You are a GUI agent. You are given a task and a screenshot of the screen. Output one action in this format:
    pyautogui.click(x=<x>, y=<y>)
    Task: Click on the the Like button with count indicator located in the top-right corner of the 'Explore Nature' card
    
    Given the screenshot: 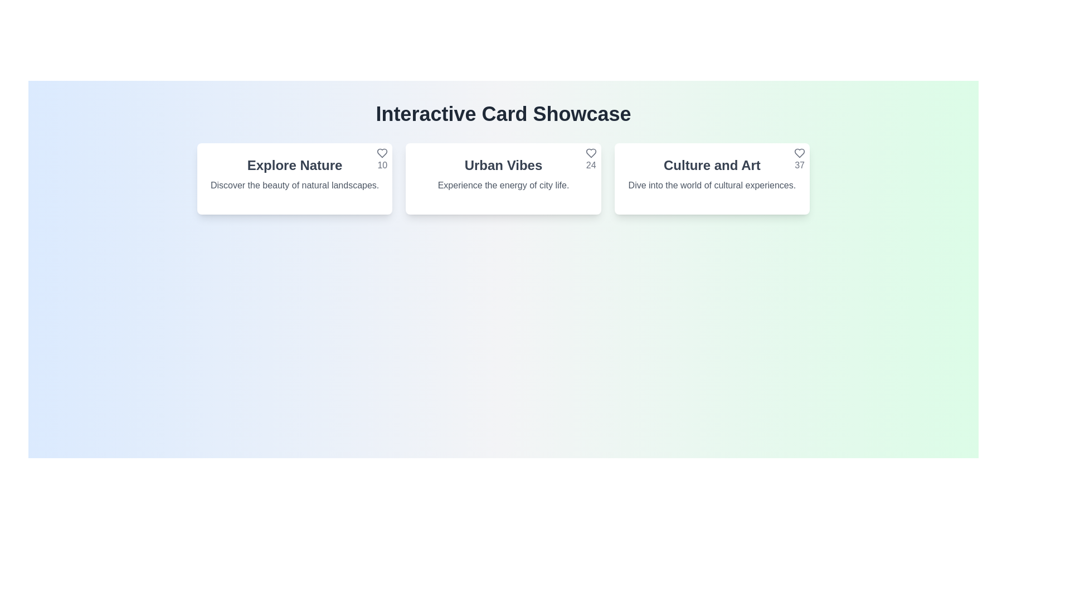 What is the action you would take?
    pyautogui.click(x=382, y=159)
    